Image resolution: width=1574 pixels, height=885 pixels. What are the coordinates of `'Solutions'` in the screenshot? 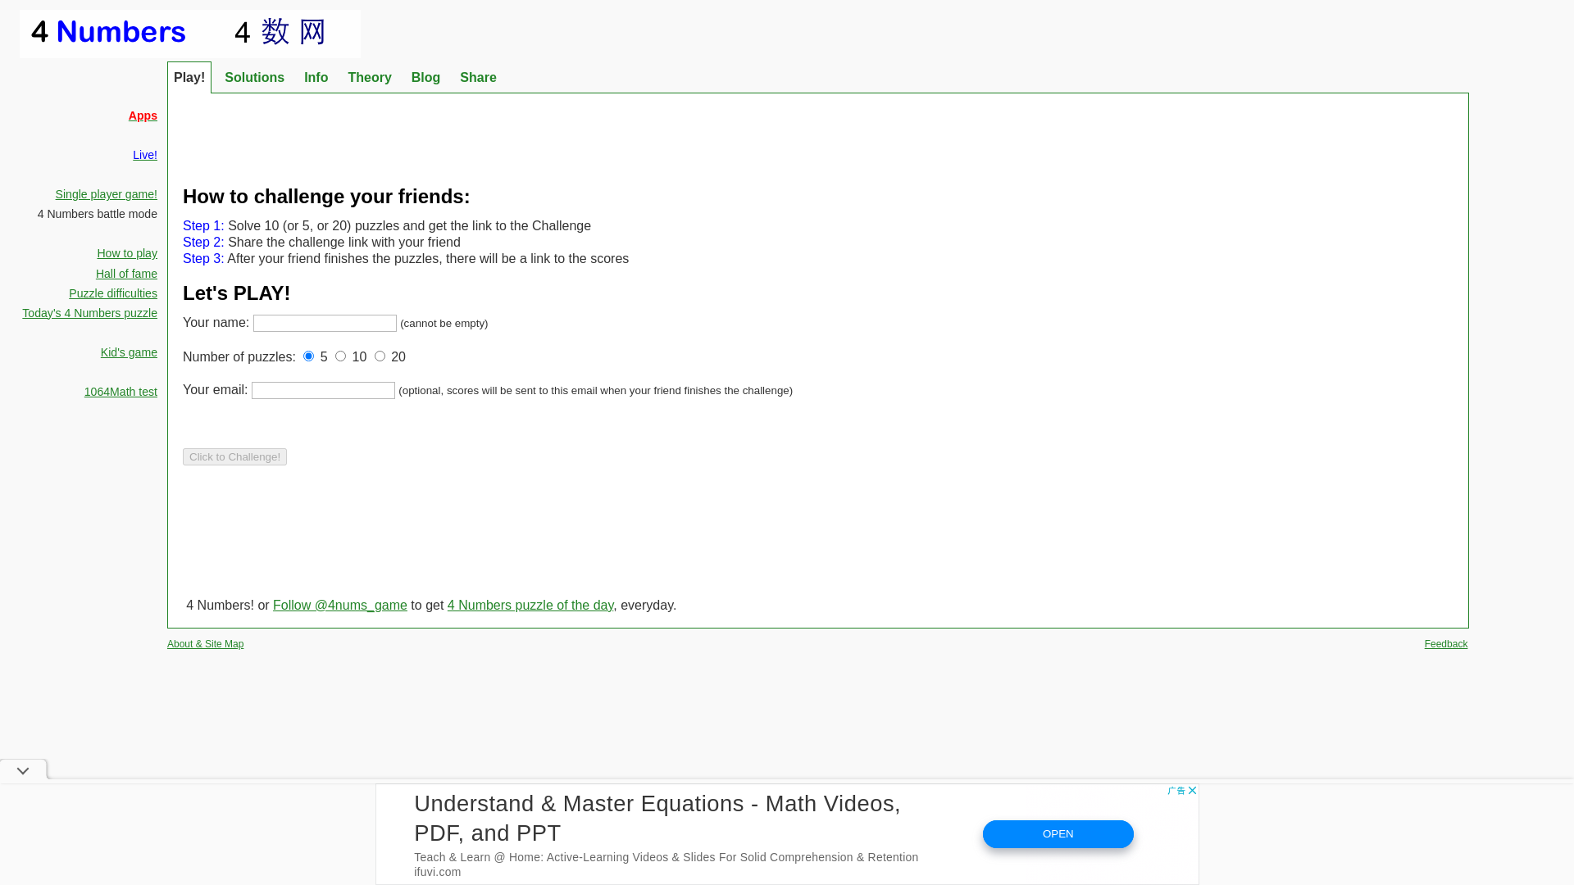 It's located at (253, 78).